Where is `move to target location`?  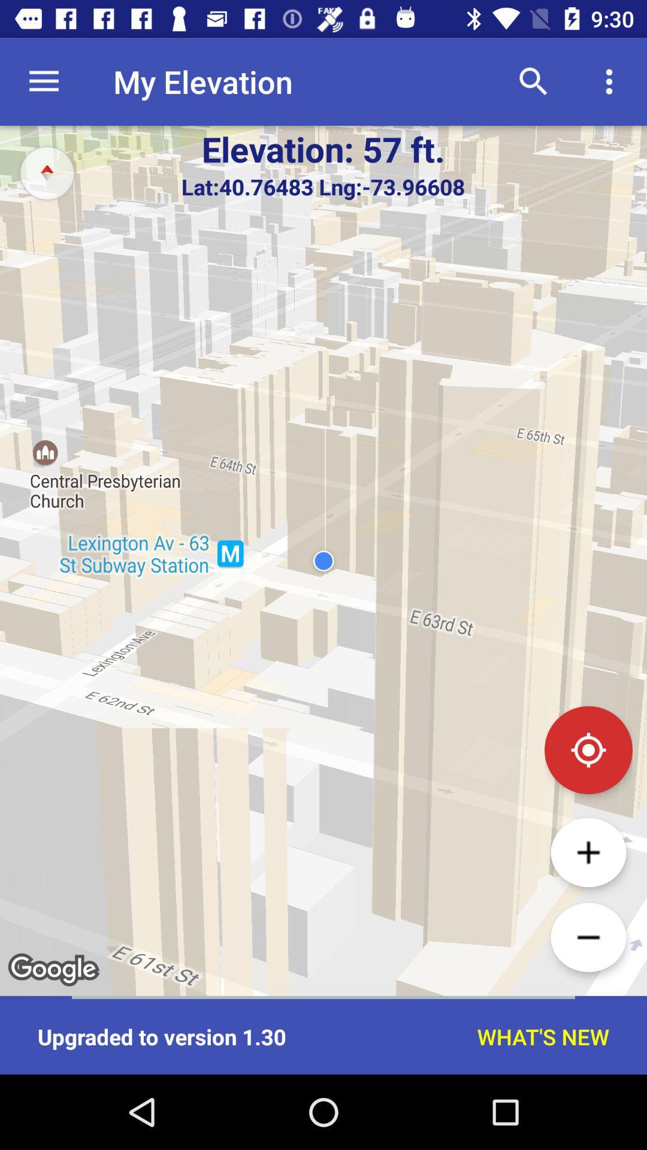
move to target location is located at coordinates (588, 749).